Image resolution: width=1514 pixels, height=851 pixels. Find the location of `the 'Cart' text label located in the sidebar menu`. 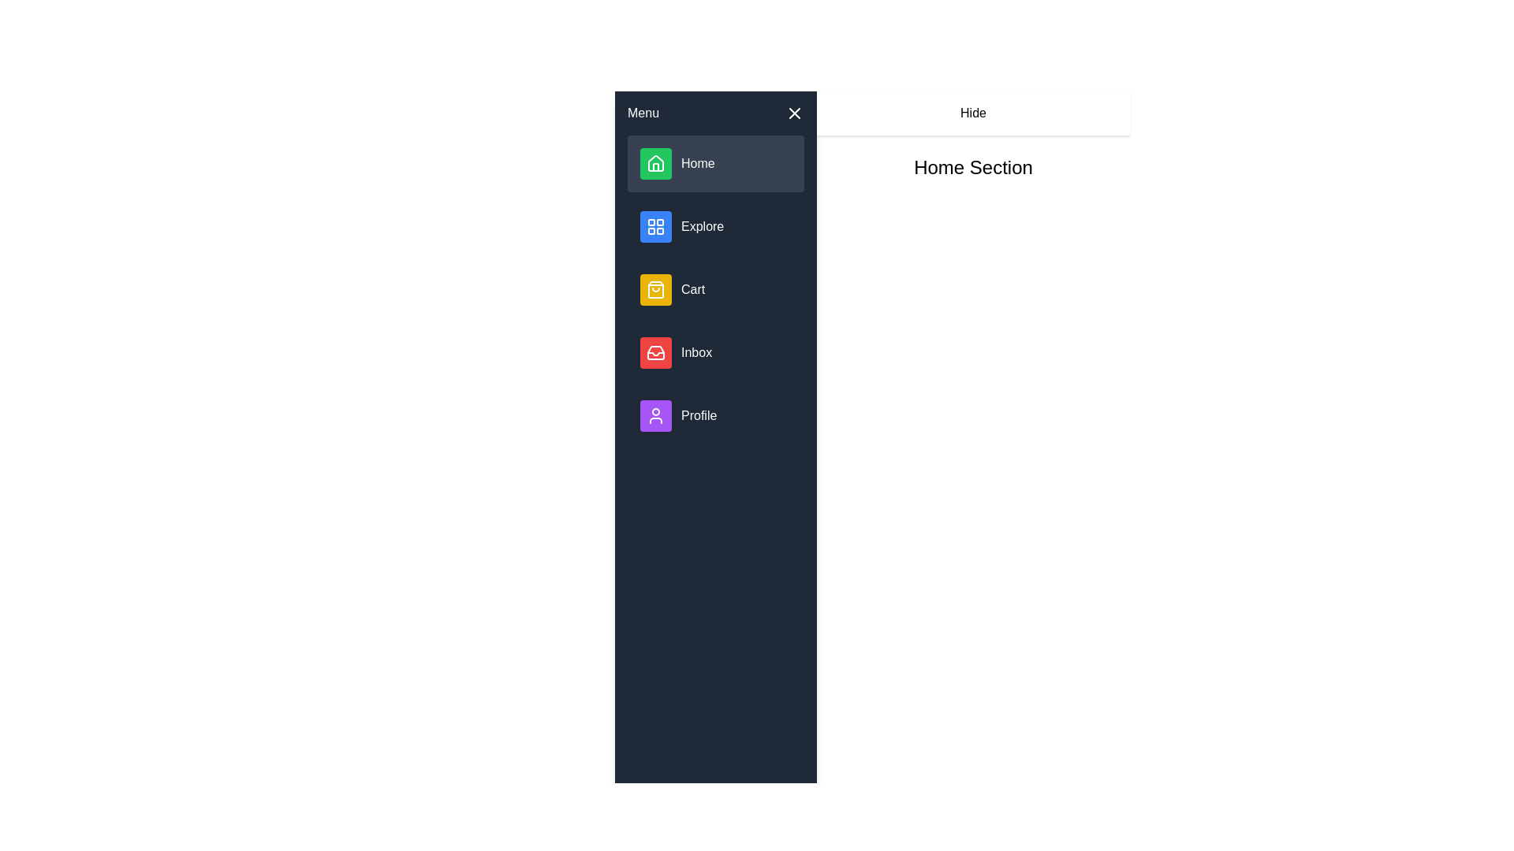

the 'Cart' text label located in the sidebar menu is located at coordinates (693, 289).